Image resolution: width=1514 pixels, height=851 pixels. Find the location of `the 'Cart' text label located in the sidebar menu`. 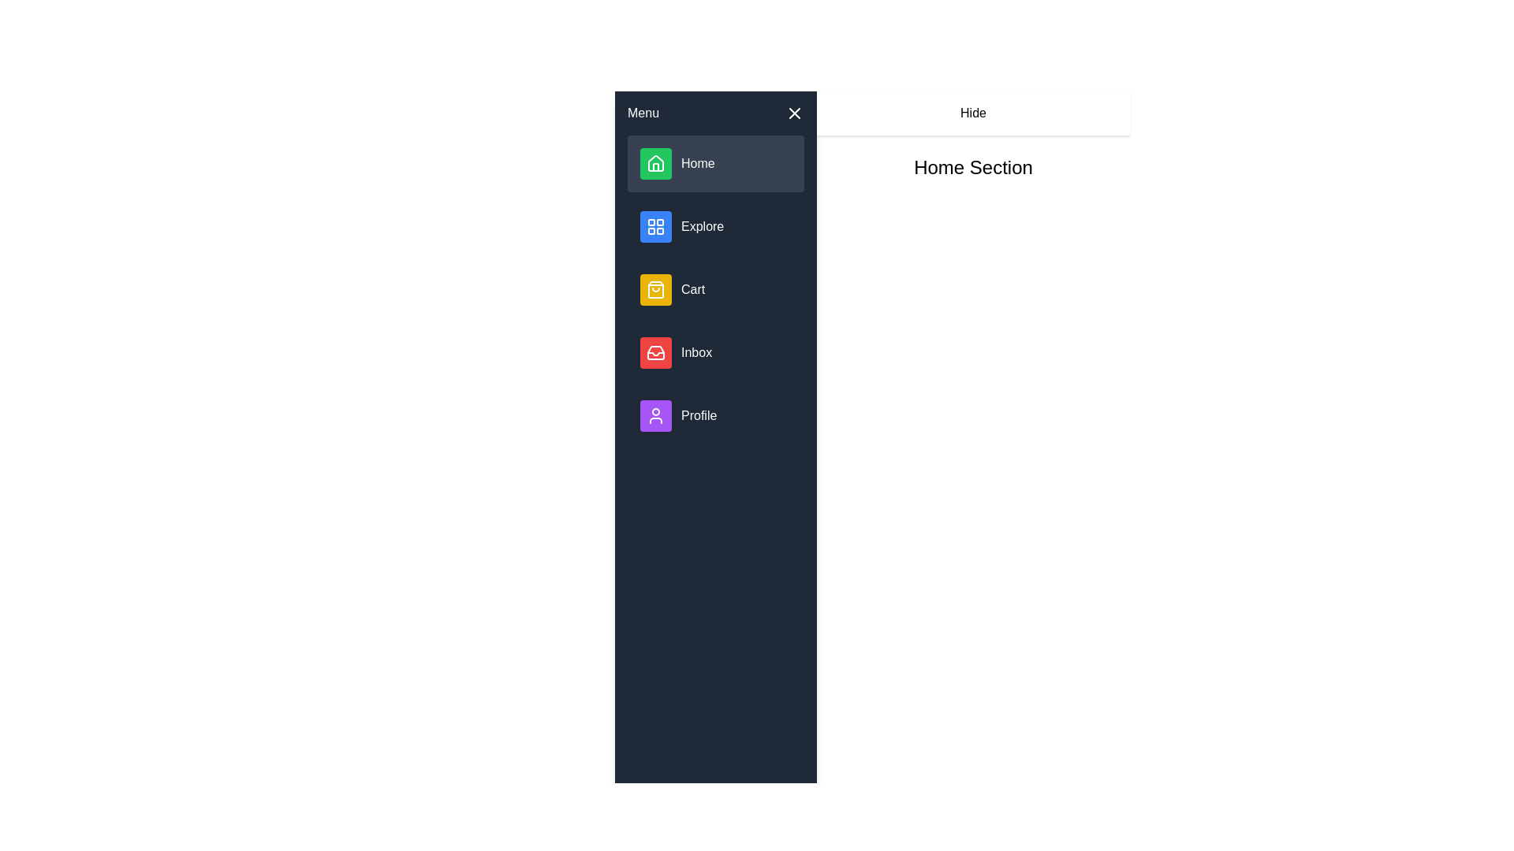

the 'Cart' text label located in the sidebar menu is located at coordinates (693, 289).